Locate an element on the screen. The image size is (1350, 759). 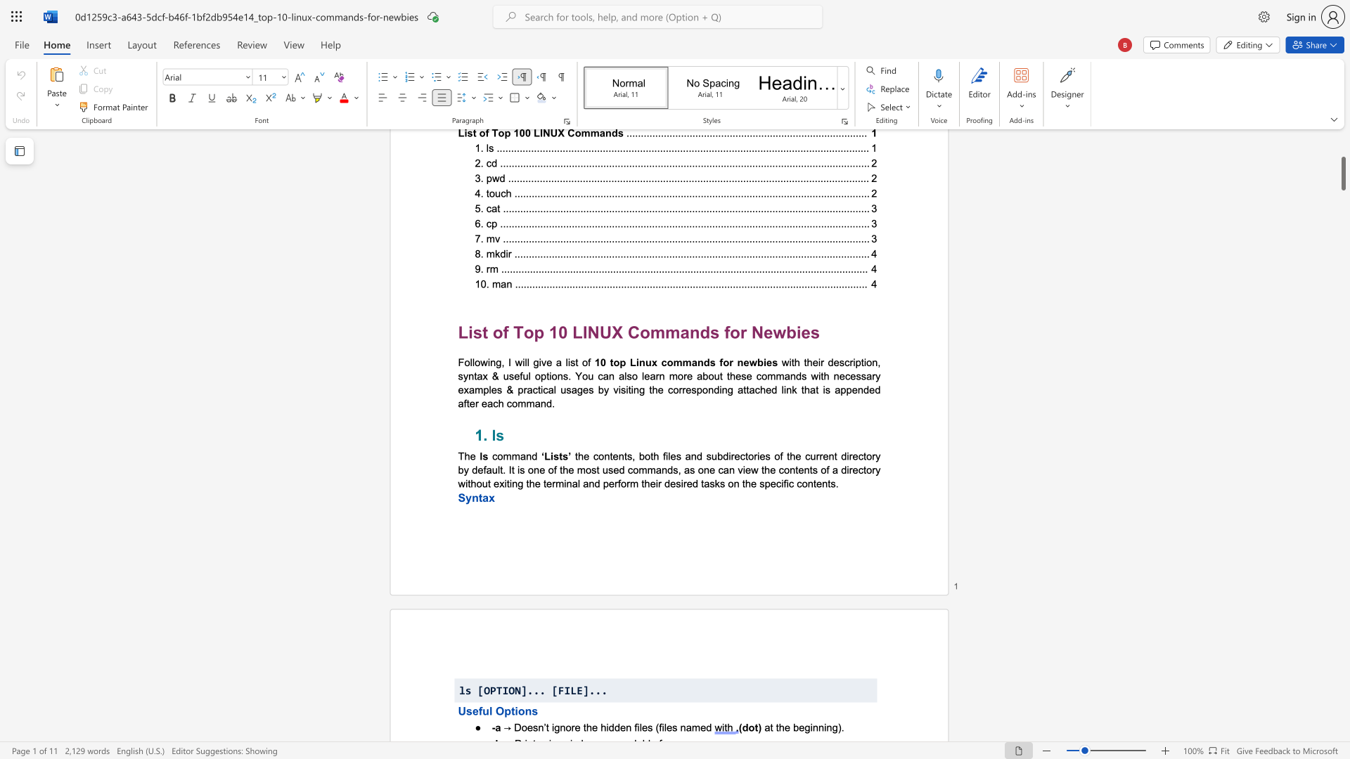
the subset text "by default. It is one of the most used co" within the text "the contents, both files and subdirectories of the current directory by default. It is one of the most used commands, as one can view the contents of a directory without exiting the terminal and perform their desired tasks on the specific contents." is located at coordinates (458, 469).